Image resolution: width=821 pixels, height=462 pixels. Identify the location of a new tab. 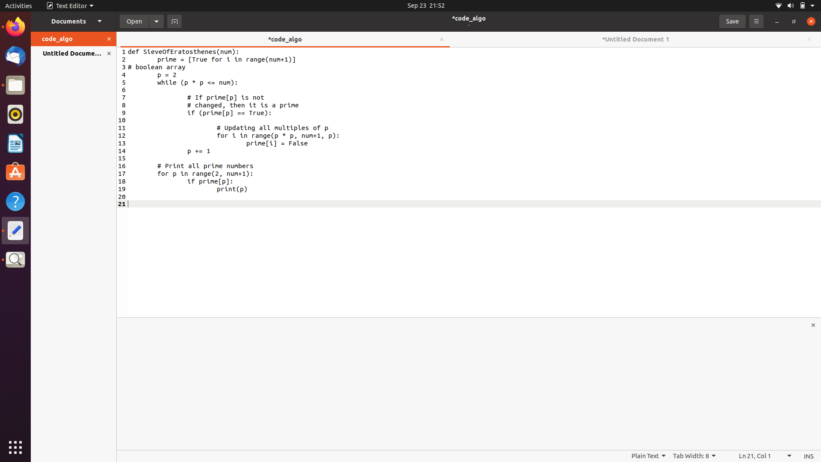
(174, 21).